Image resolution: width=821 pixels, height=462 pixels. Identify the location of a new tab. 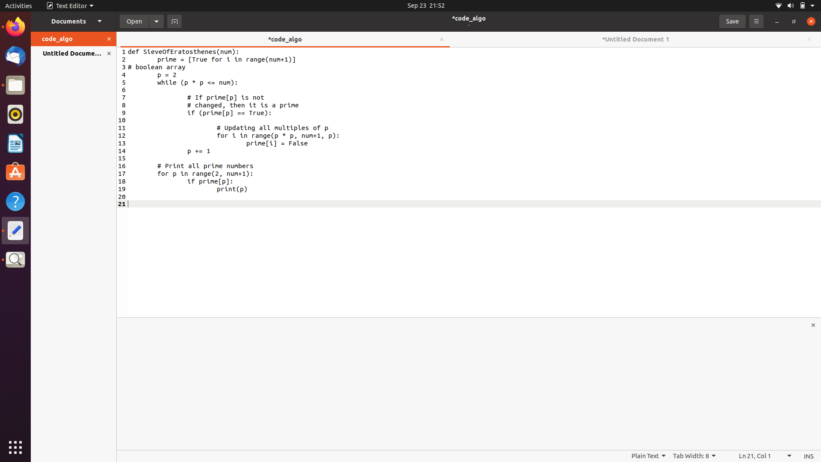
(174, 21).